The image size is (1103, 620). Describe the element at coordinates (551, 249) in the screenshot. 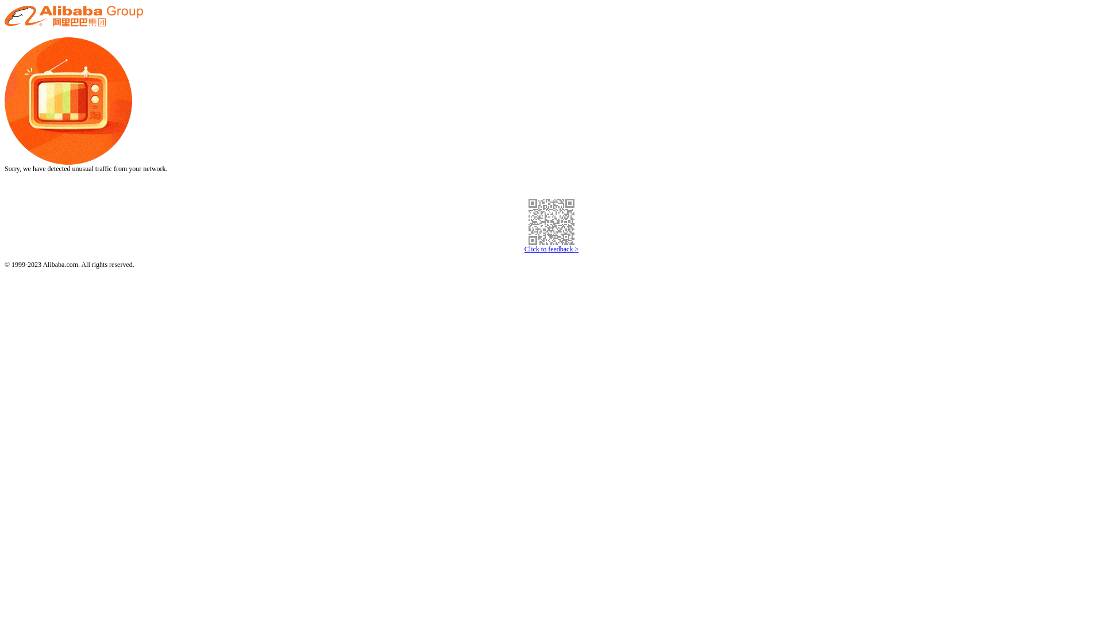

I see `'Click to feedback >'` at that location.